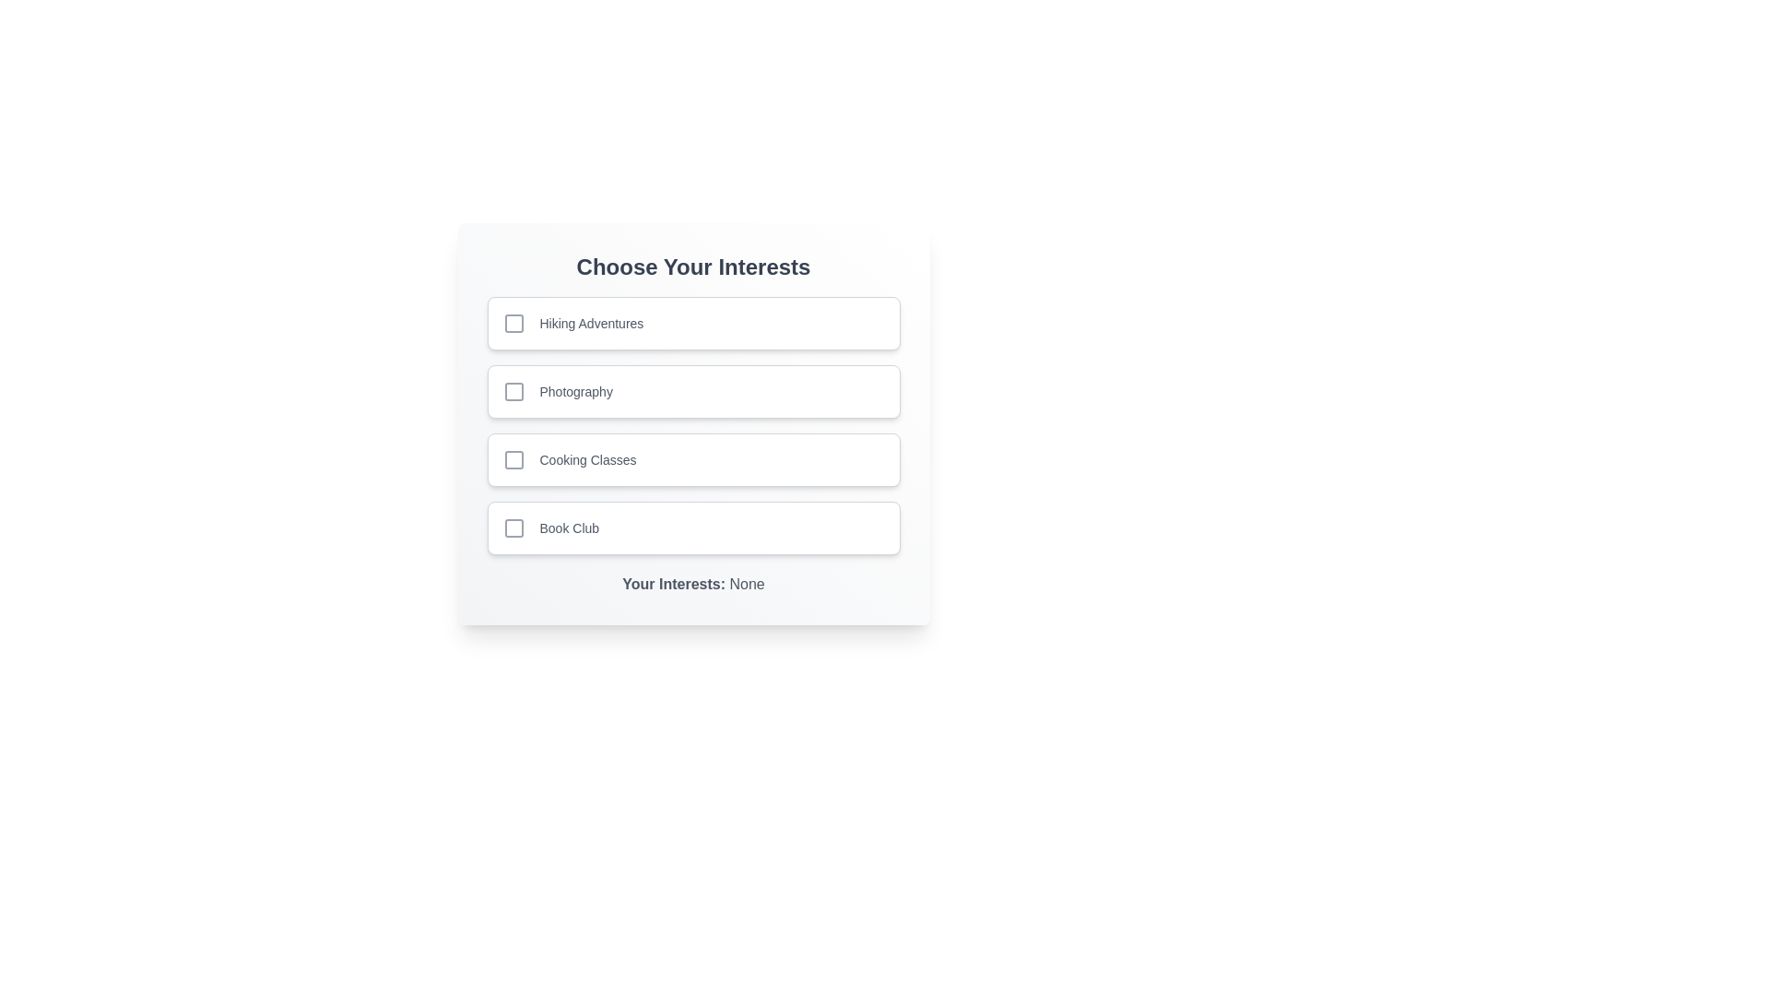  I want to click on a selectable card component in the central list, so click(692, 423).